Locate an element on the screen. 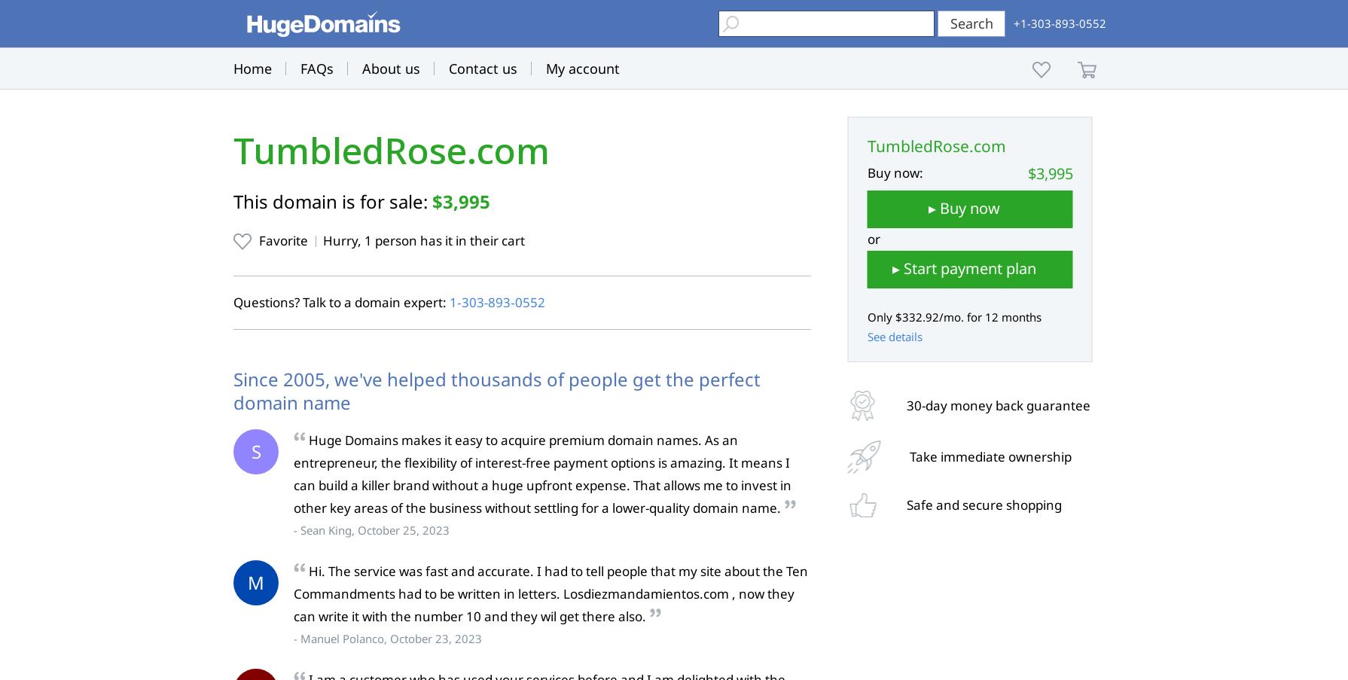 Image resolution: width=1348 pixels, height=680 pixels. 'Since 2005, we've helped thousands of people get the perfect domain name' is located at coordinates (496, 389).